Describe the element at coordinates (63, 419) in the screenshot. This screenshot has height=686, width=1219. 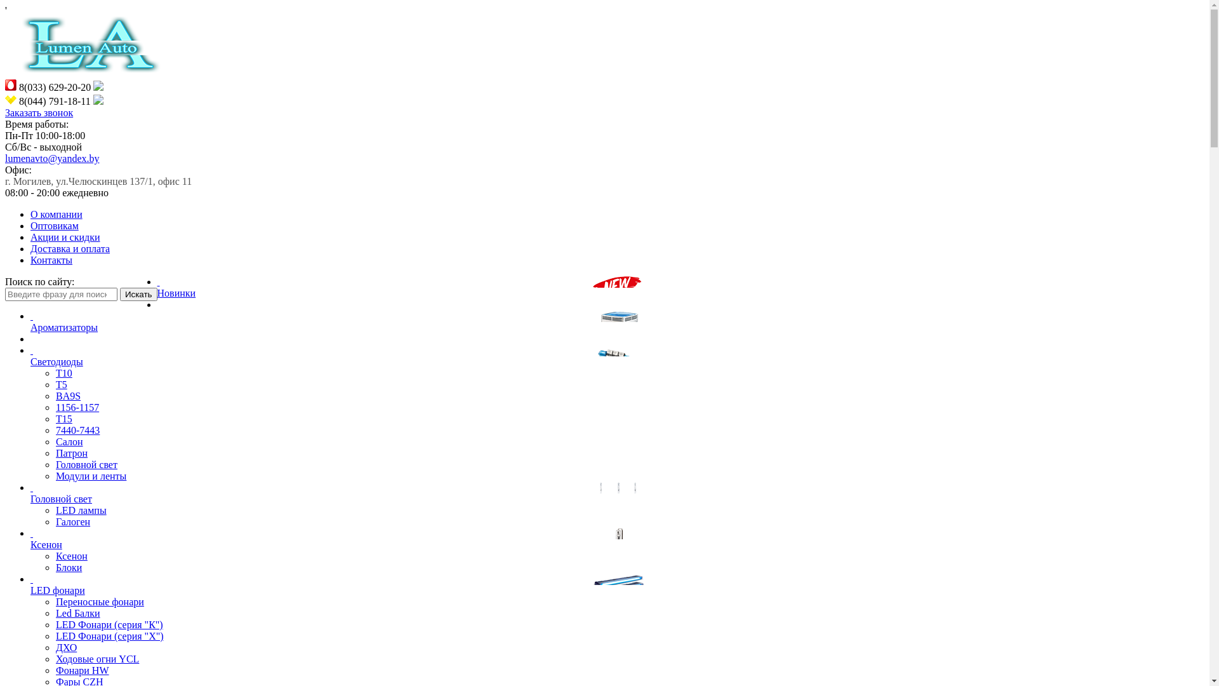
I see `'T15'` at that location.